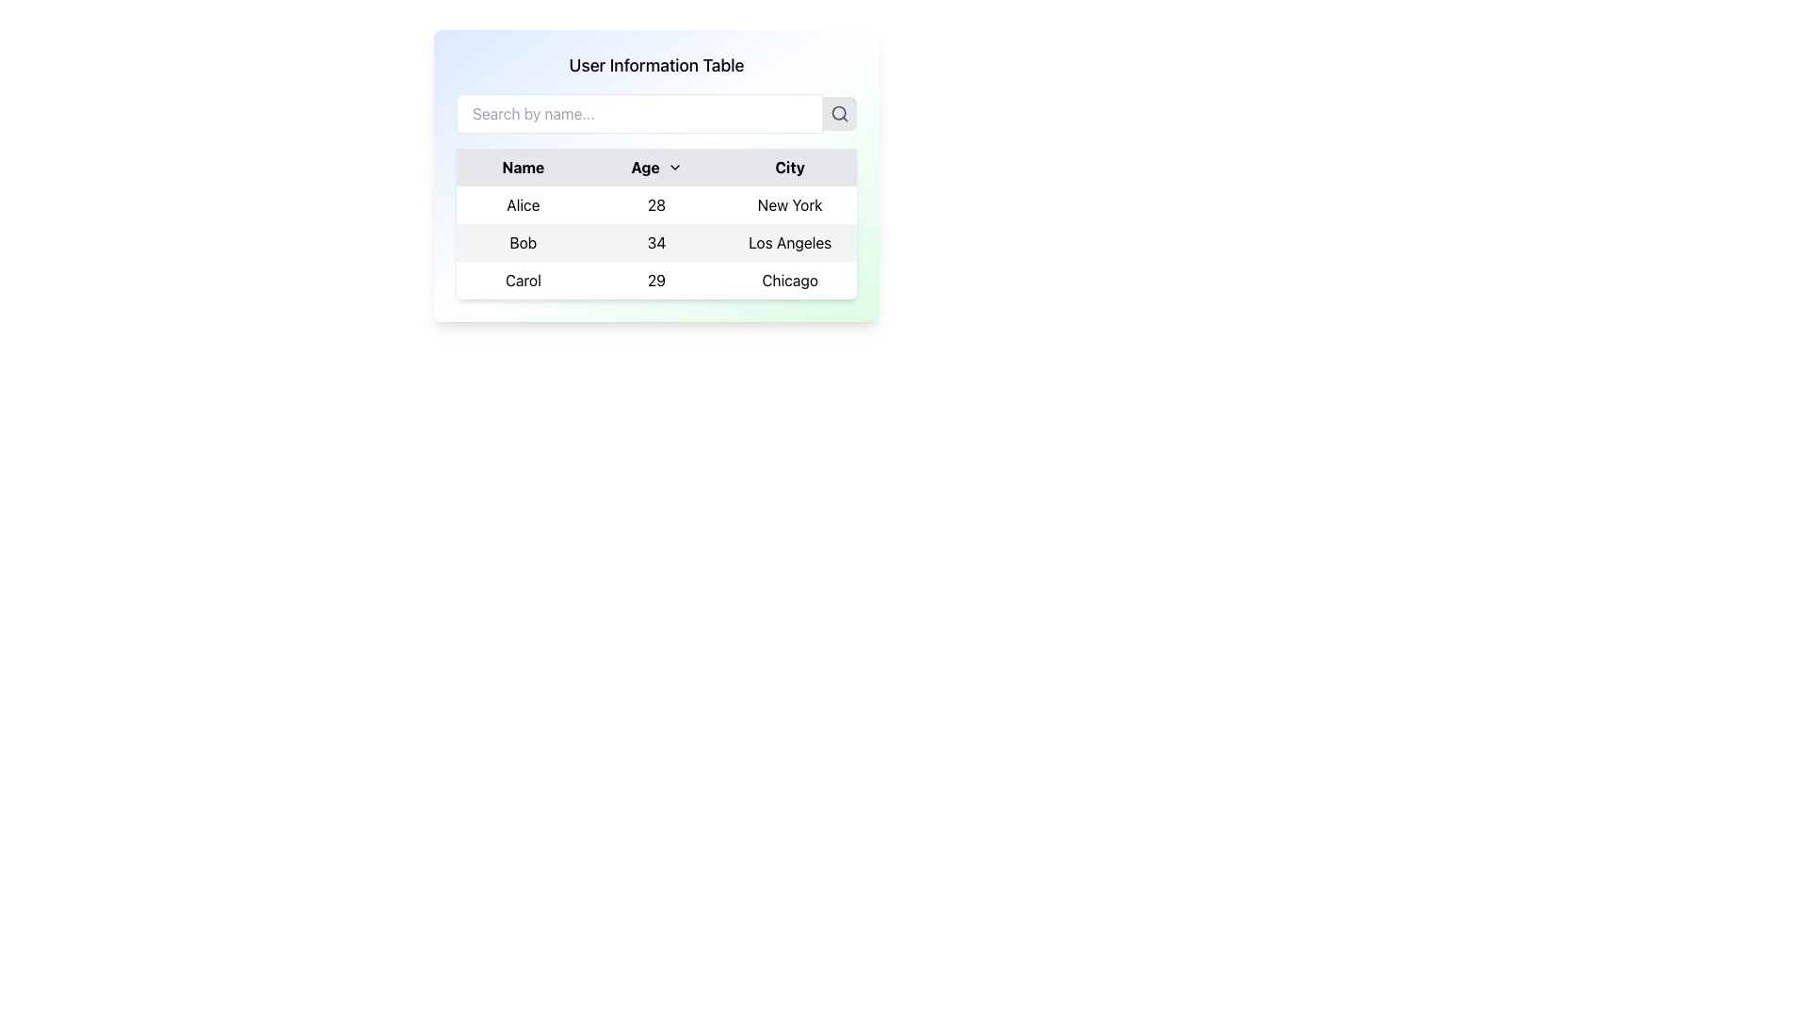 The width and height of the screenshot is (1808, 1017). What do you see at coordinates (656, 280) in the screenshot?
I see `the third row of the table that contains the text items 'Carol', '29', and 'Chicago'` at bounding box center [656, 280].